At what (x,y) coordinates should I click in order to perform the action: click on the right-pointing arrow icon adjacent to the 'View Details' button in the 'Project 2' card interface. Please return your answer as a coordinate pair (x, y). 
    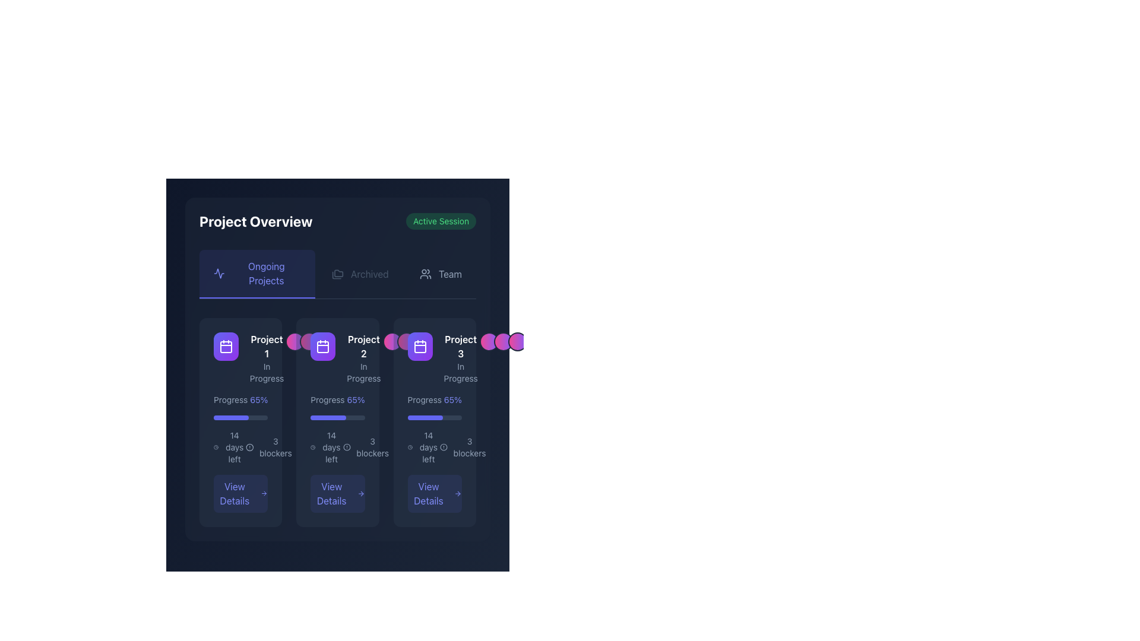
    Looking at the image, I should click on (360, 494).